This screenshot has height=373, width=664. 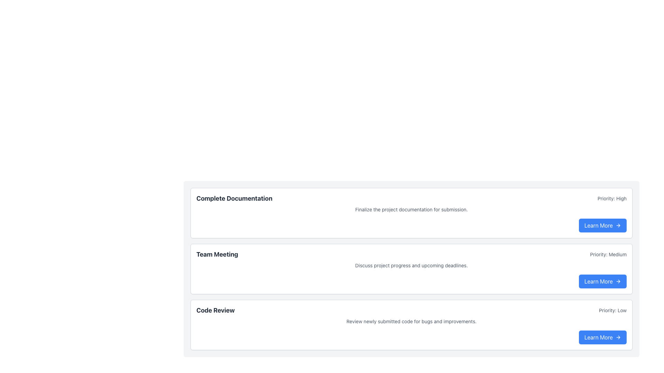 I want to click on text label indicating the priority level of the 'Team Meeting' task, located at the rightmost side of the 'Team Meeting' section, so click(x=608, y=254).